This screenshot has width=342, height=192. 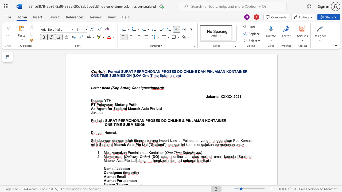 What do you see at coordinates (181, 156) in the screenshot?
I see `the subset text "e dan" within the text "online dan"` at bounding box center [181, 156].